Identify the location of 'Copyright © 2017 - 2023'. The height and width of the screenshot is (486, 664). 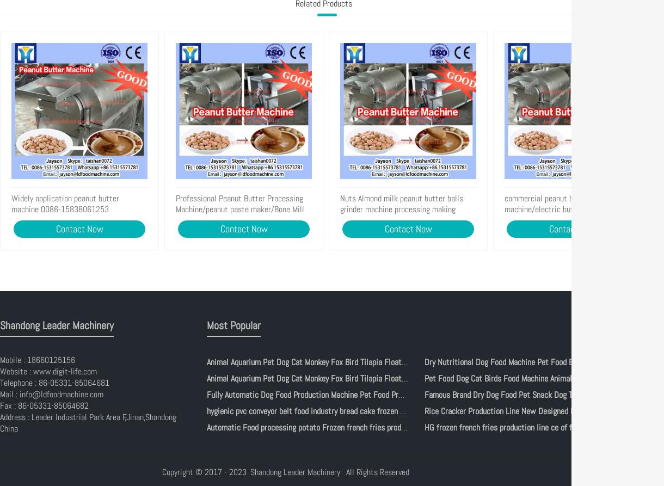
(204, 471).